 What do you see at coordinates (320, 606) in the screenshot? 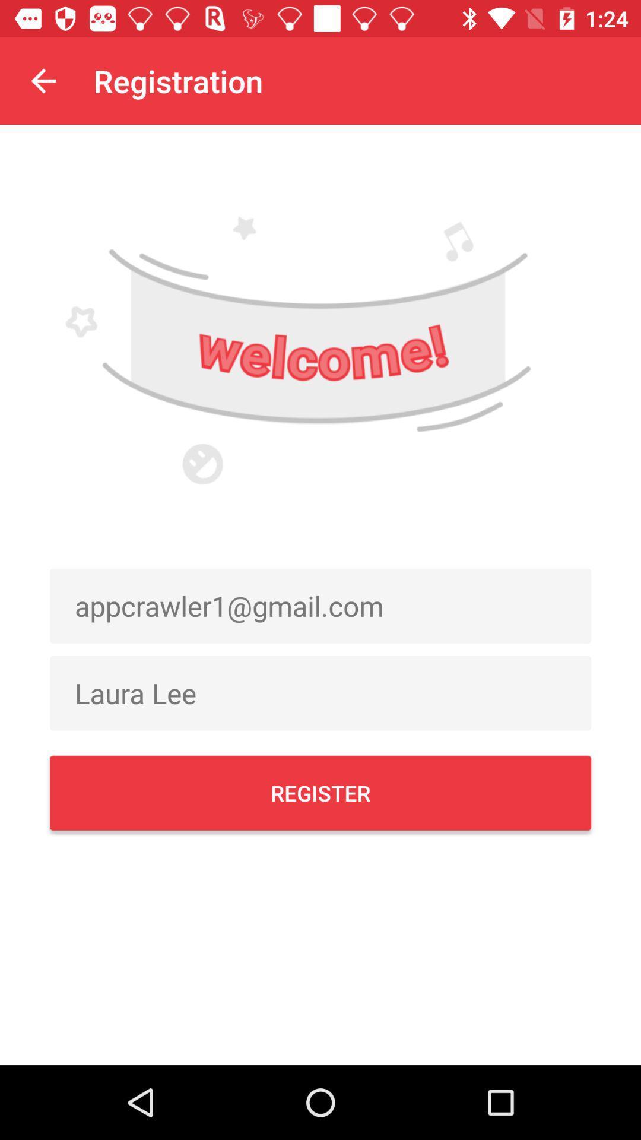
I see `the appcrawler1@gmail.com item` at bounding box center [320, 606].